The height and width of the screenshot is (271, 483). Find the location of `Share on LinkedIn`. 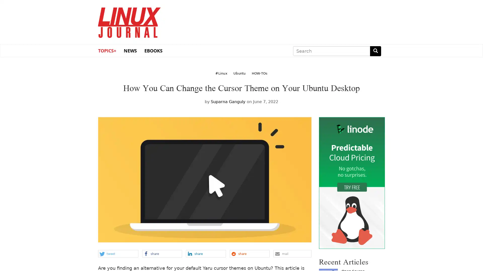

Share on LinkedIn is located at coordinates (206, 253).